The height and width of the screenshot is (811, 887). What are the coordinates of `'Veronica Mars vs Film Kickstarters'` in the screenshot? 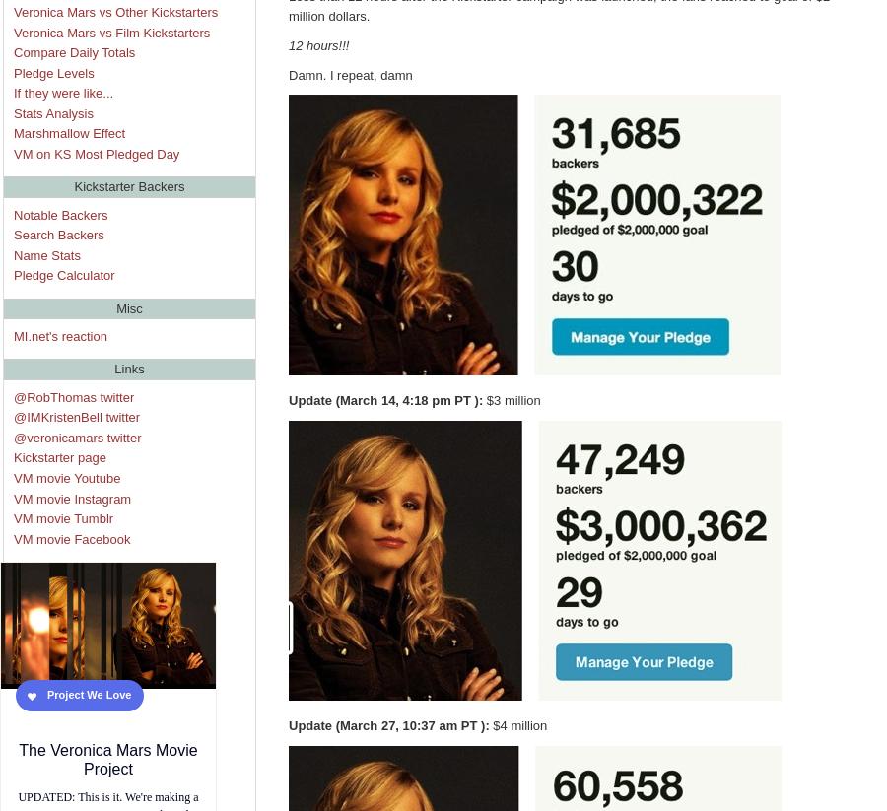 It's located at (111, 31).